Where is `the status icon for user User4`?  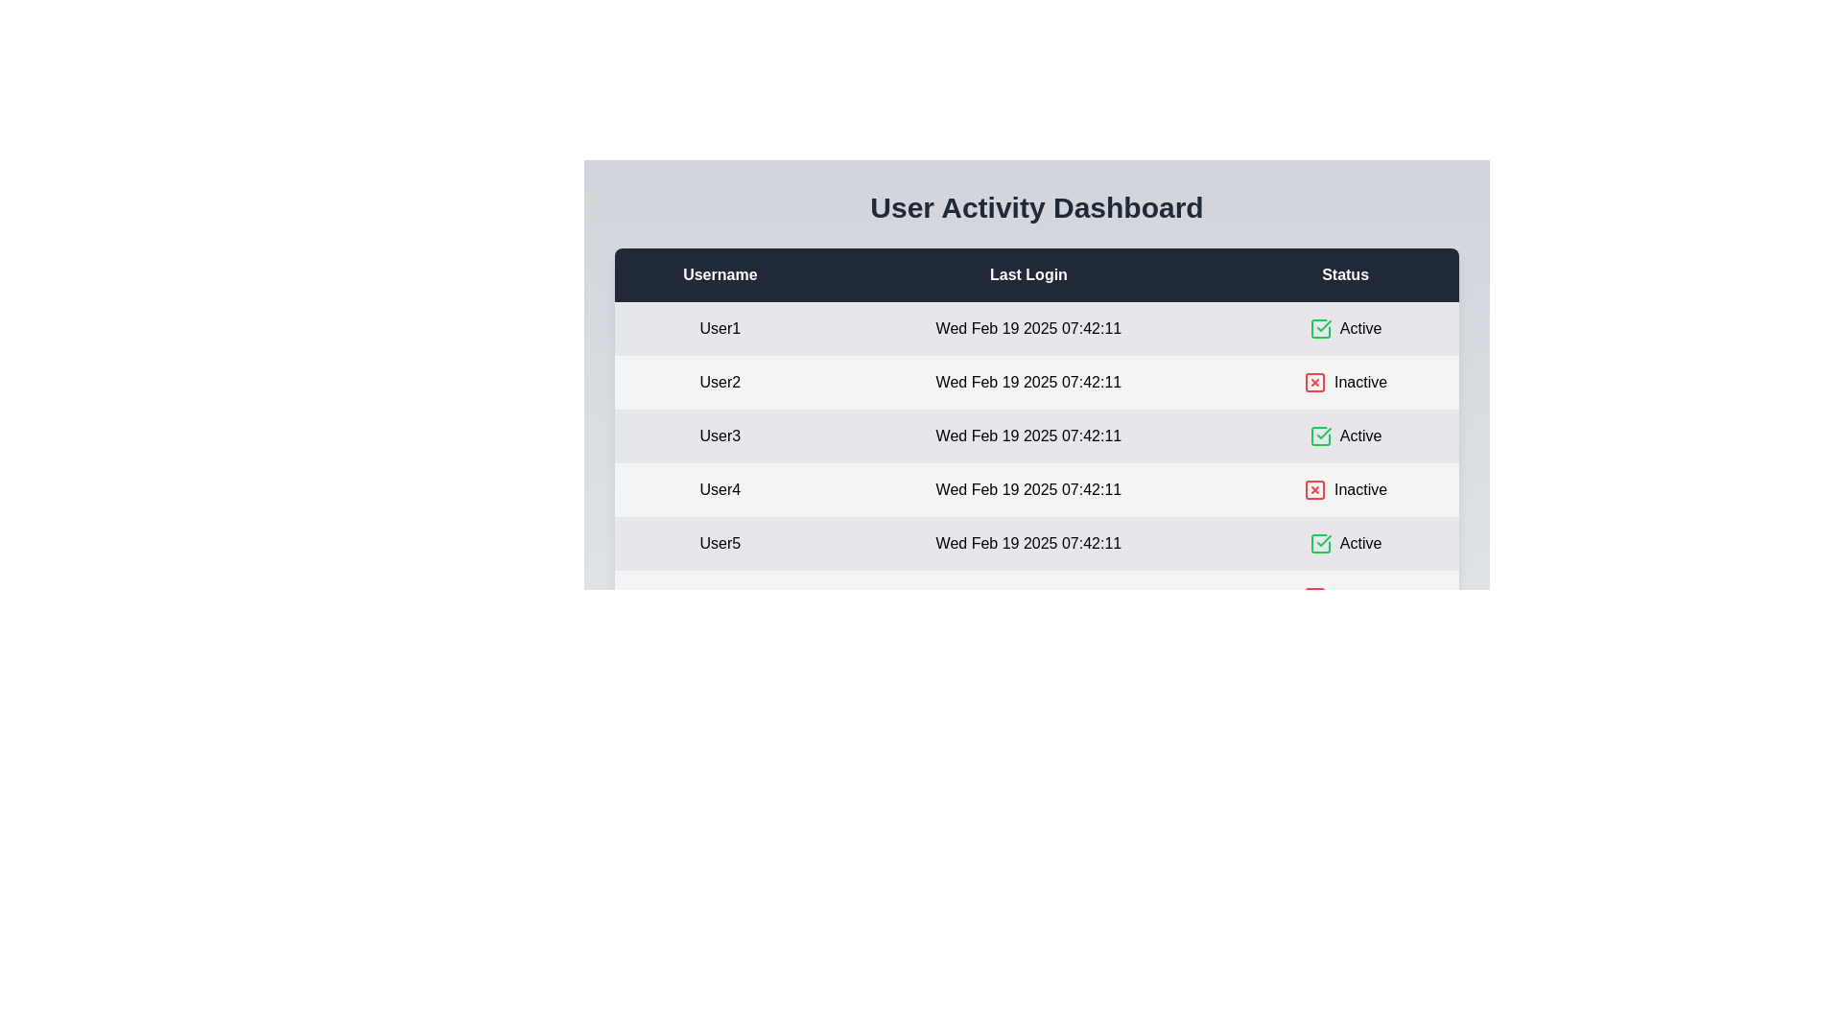 the status icon for user User4 is located at coordinates (1314, 488).